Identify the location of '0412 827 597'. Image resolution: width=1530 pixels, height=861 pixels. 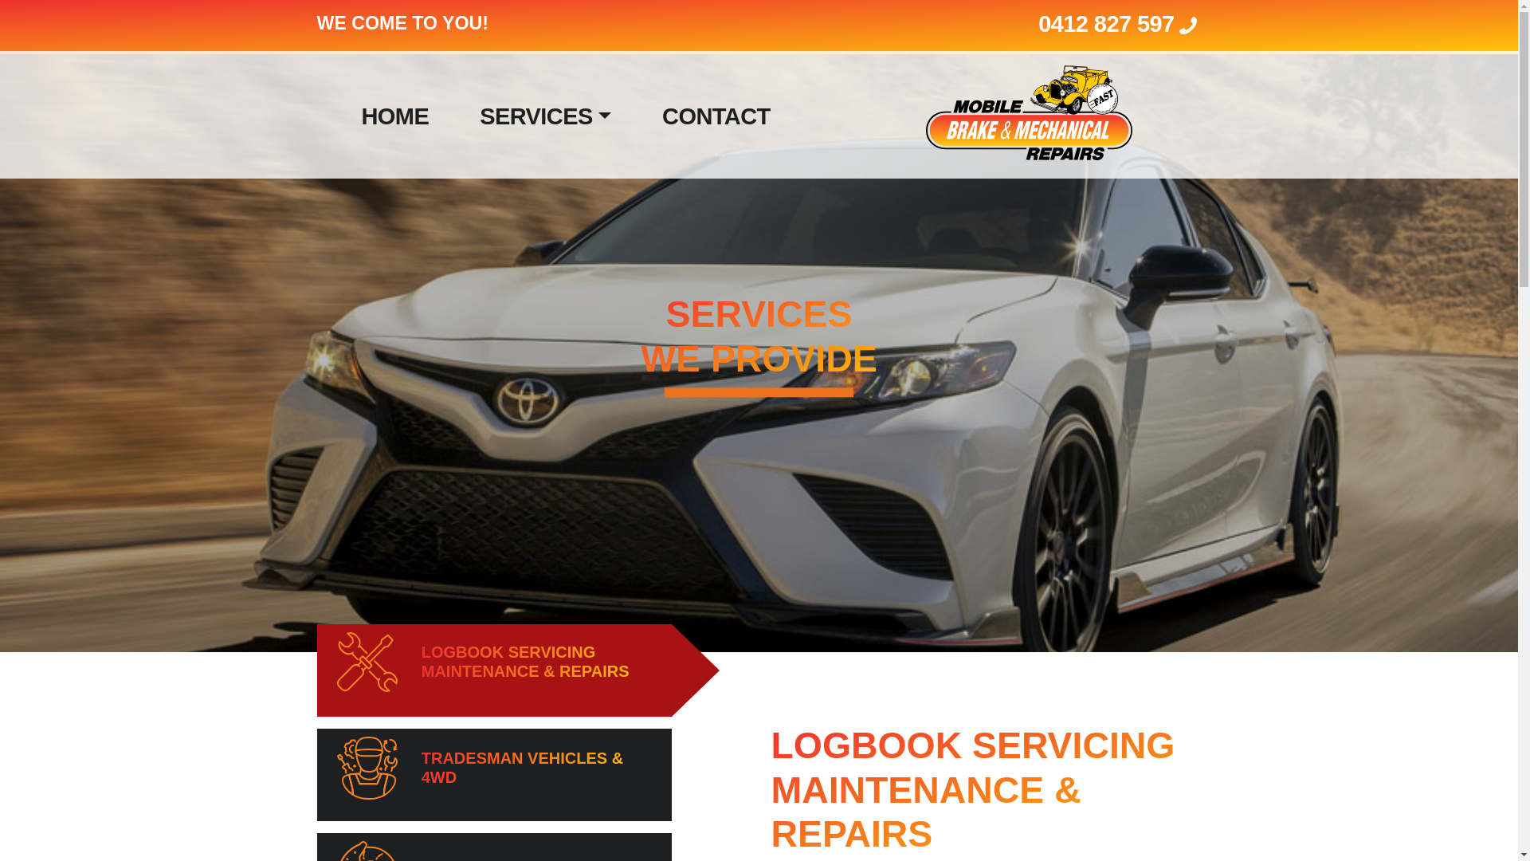
(1119, 24).